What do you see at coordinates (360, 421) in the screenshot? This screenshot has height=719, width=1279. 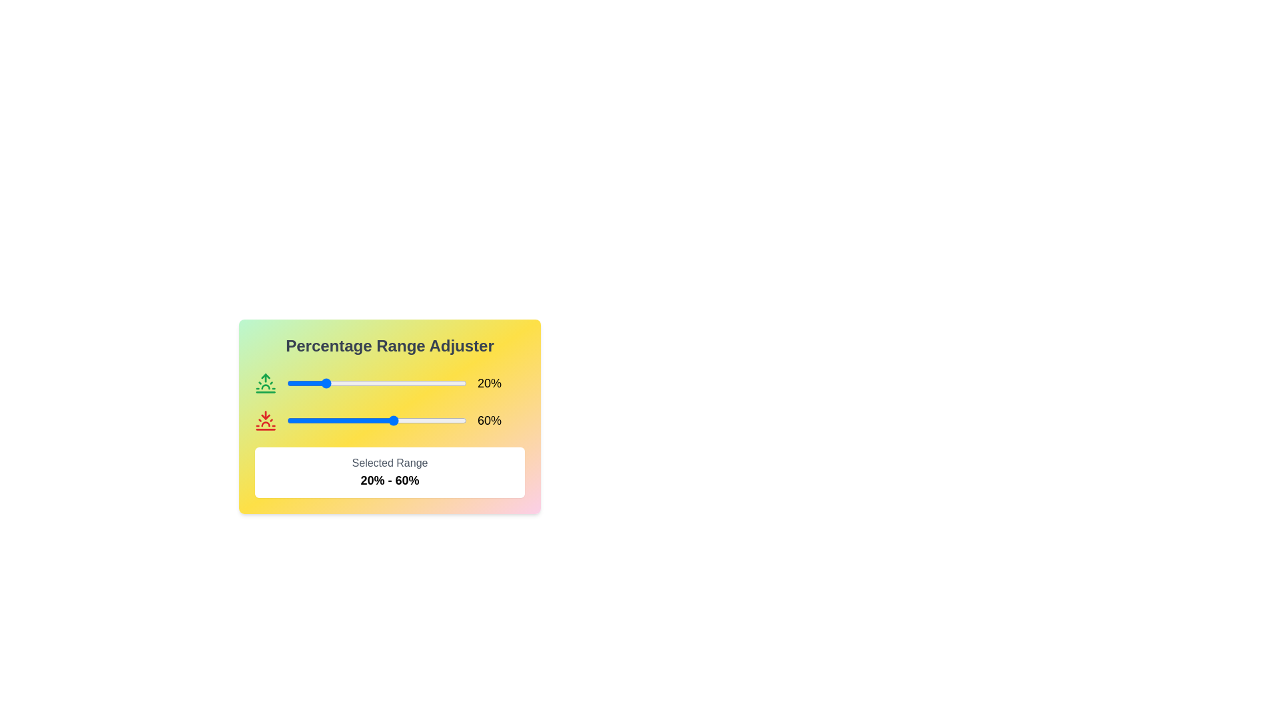 I see `the slider` at bounding box center [360, 421].